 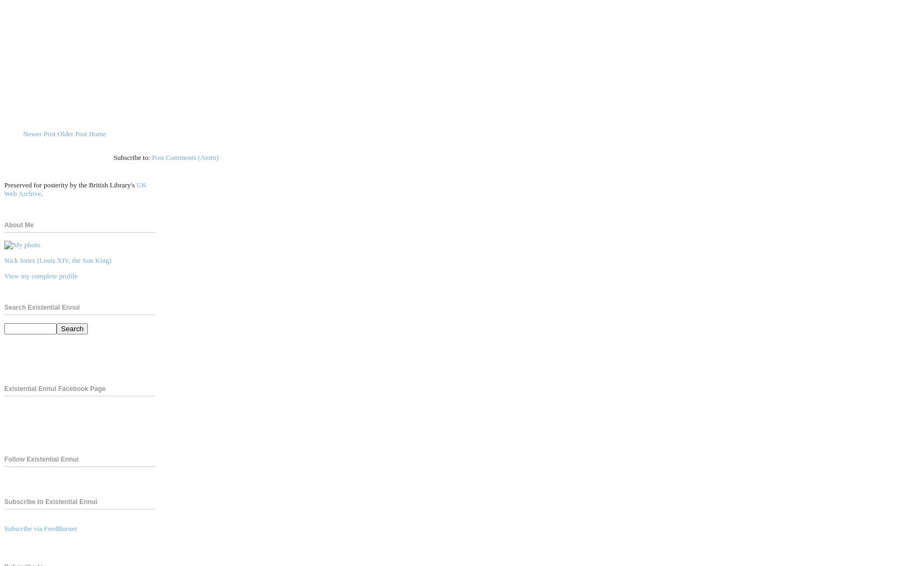 I want to click on 'View my complete profile', so click(x=40, y=275).